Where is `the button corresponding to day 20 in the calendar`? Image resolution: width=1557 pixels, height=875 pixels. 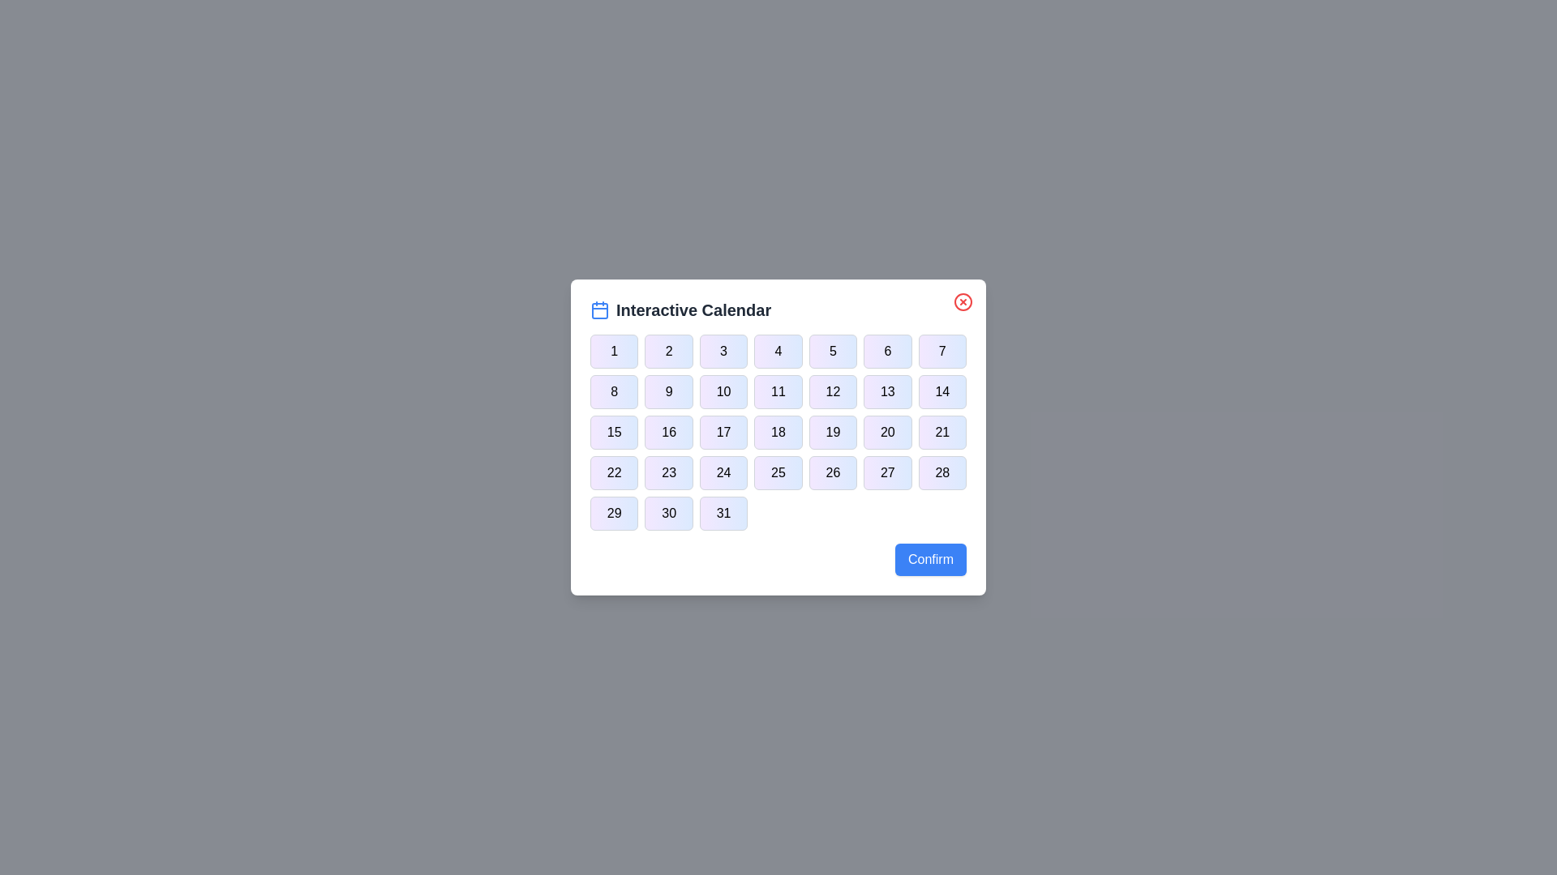 the button corresponding to day 20 in the calendar is located at coordinates (886, 431).